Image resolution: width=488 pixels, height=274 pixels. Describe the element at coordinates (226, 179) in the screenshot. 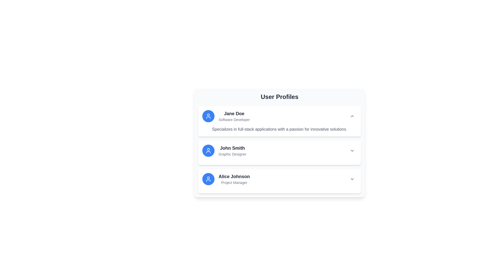

I see `the Profile card component representing 'Alice Johnson', which is the third entry in the vertical list of user profiles` at that location.